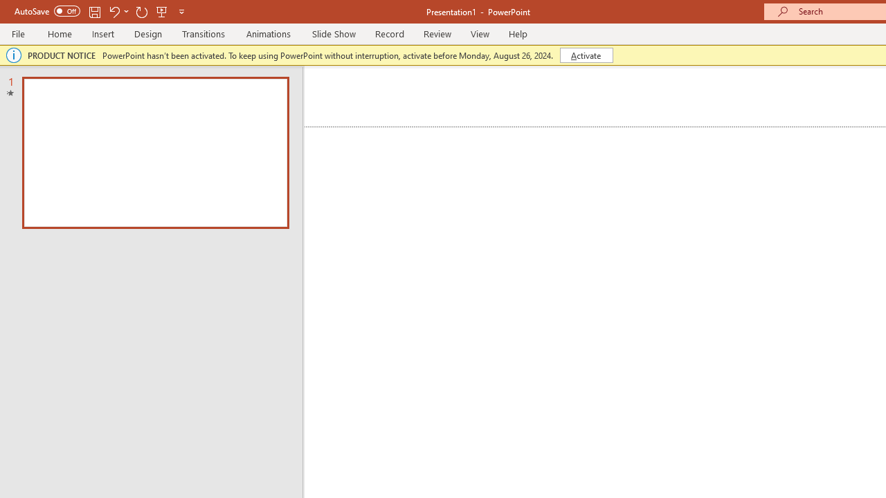 The height and width of the screenshot is (498, 886). I want to click on 'Insert', so click(102, 33).